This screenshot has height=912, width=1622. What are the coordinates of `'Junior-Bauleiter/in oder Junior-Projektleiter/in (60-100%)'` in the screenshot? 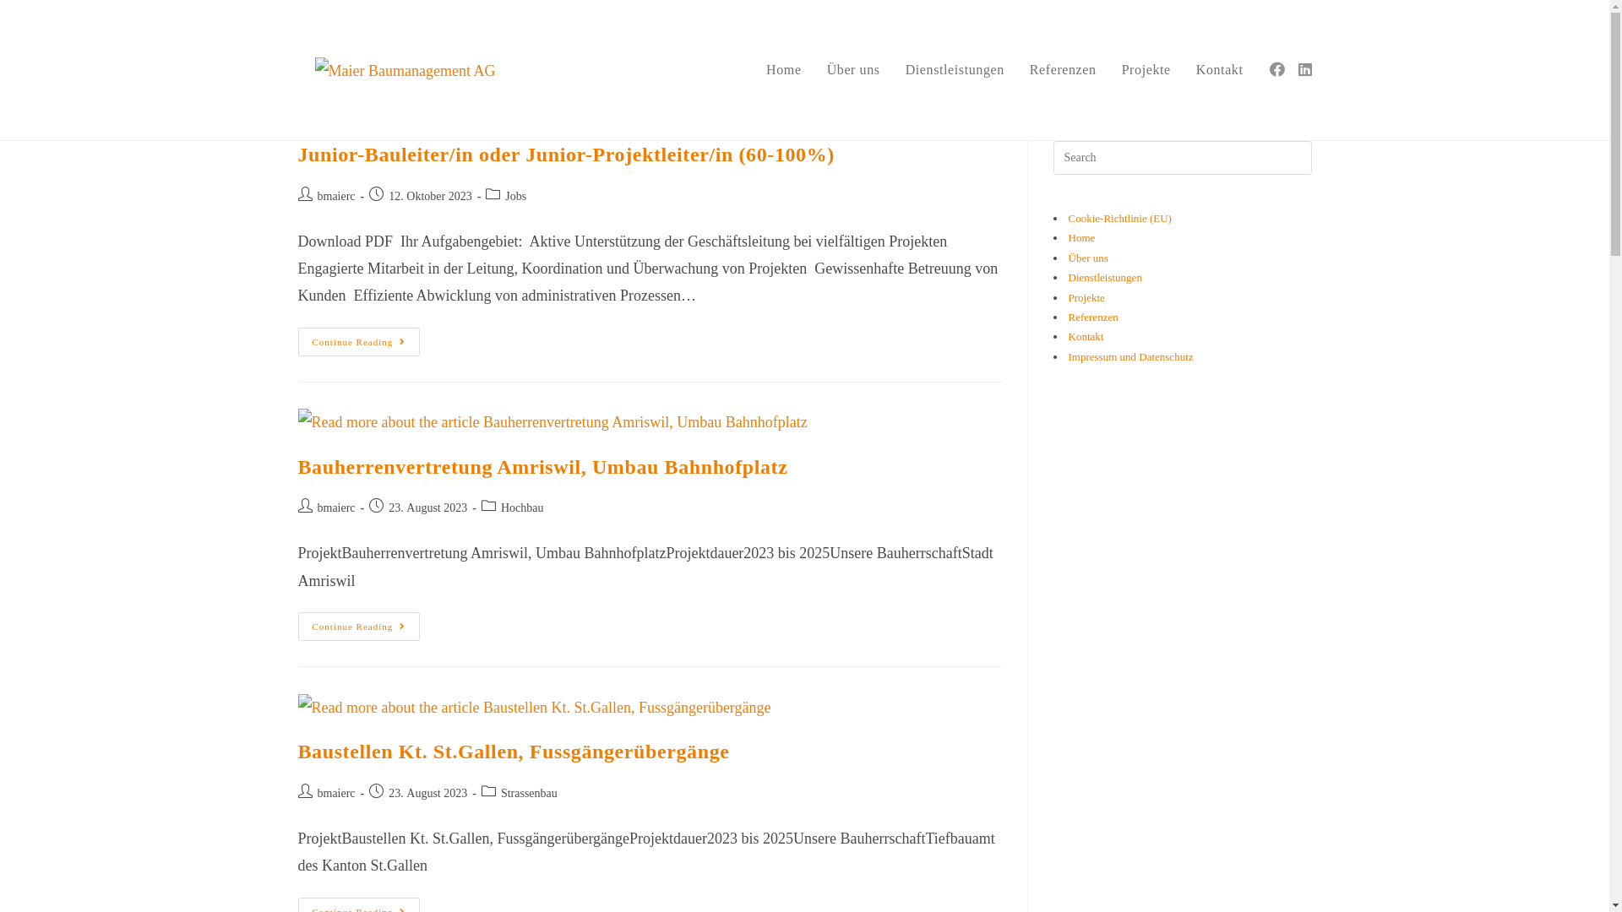 It's located at (565, 154).